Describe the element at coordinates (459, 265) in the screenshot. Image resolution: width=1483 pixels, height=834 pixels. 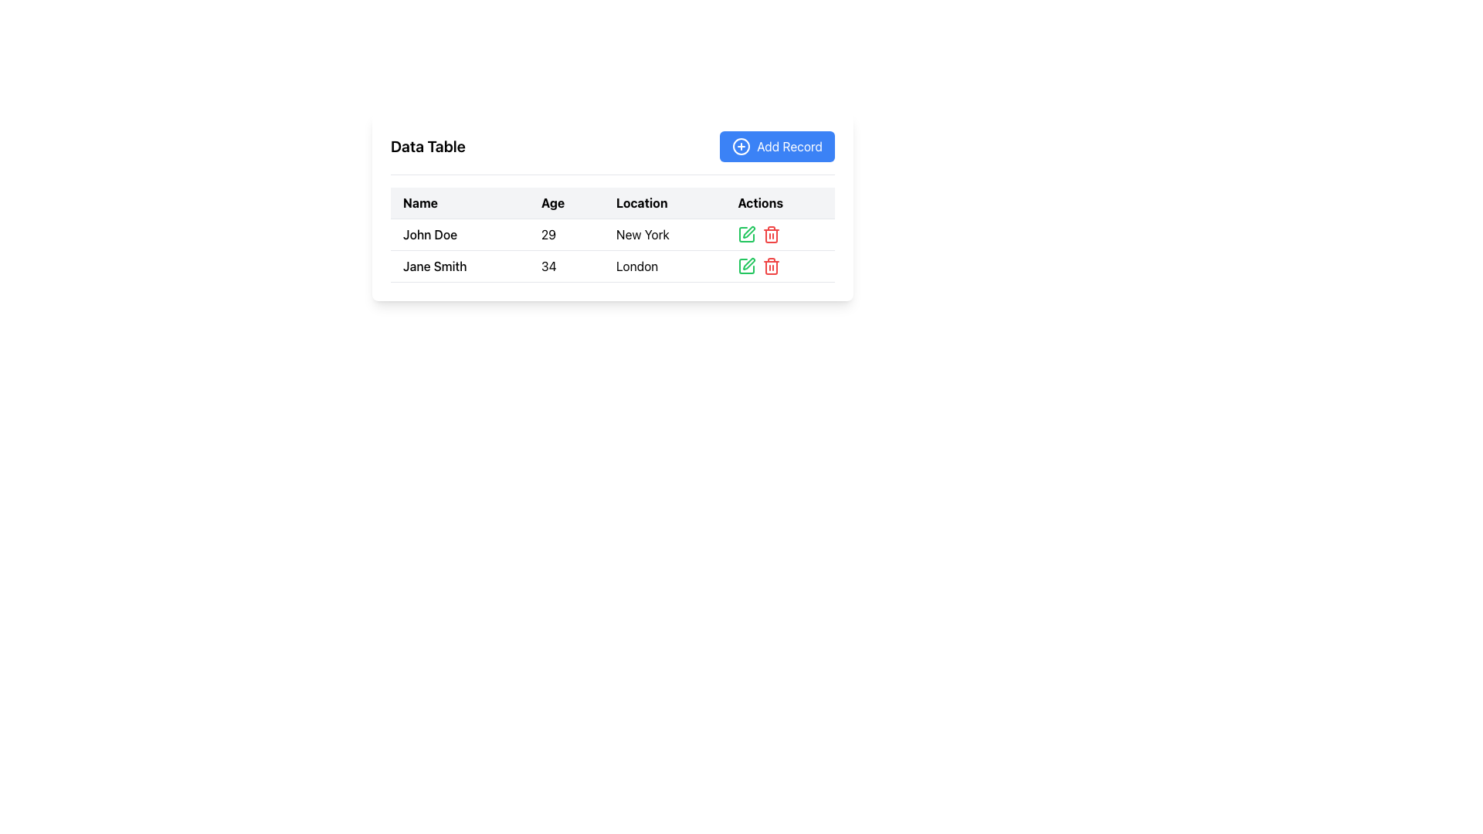
I see `the Text Label that represents the name of a person in the first column of the second row of a data table, located under the 'Name' heading` at that location.